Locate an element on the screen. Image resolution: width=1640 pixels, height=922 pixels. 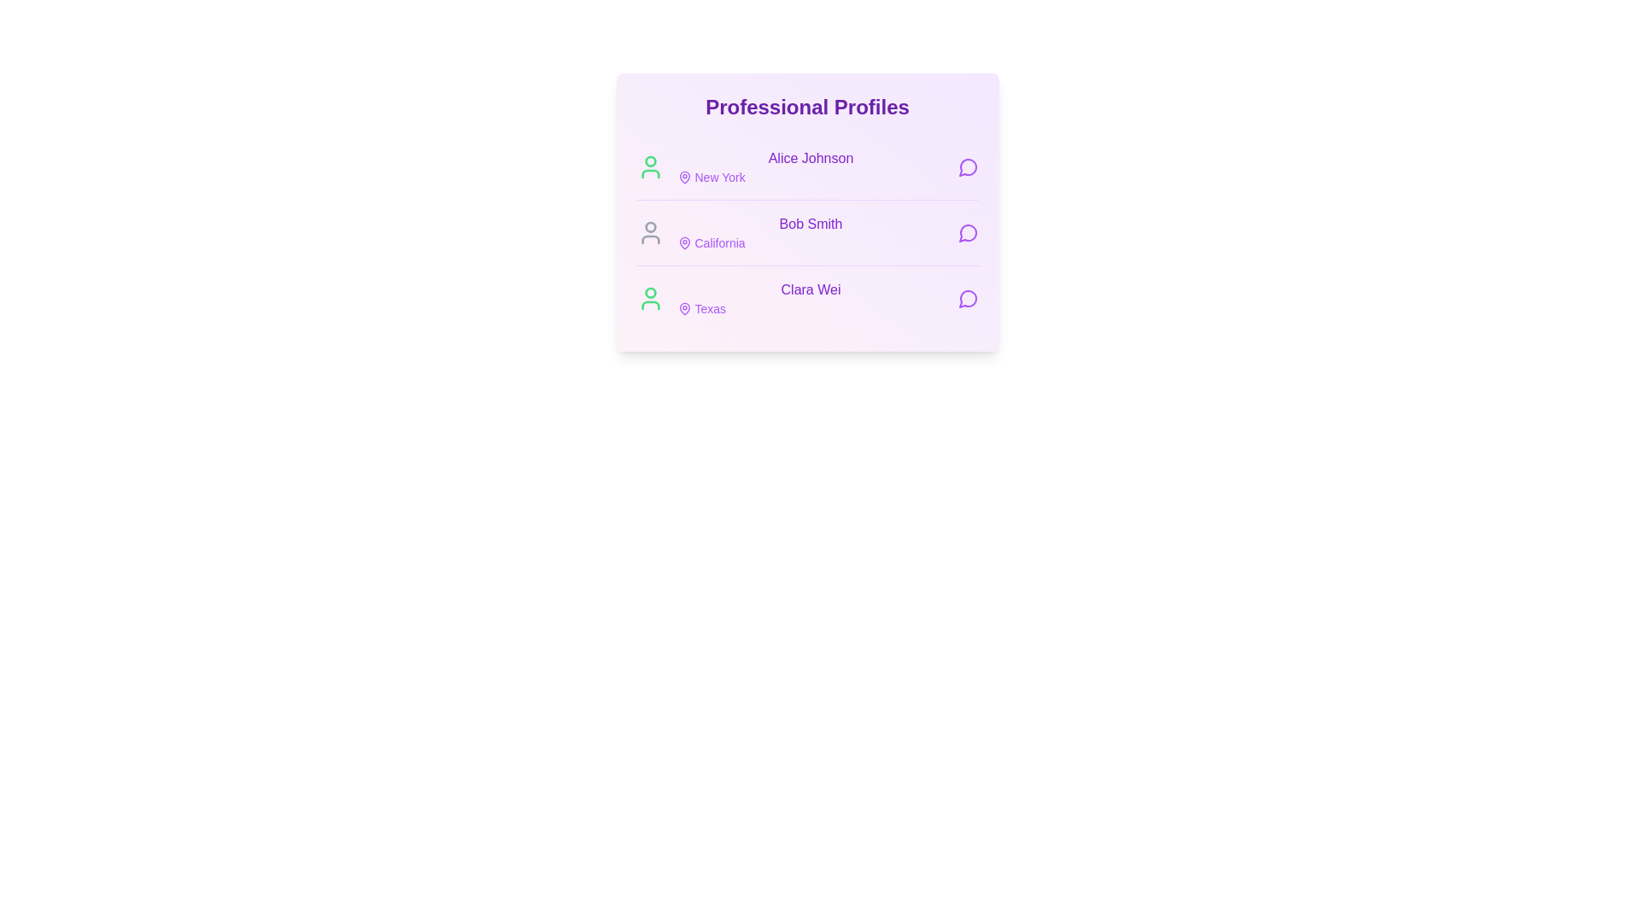
the profile name text for Clara Wei is located at coordinates (810, 289).